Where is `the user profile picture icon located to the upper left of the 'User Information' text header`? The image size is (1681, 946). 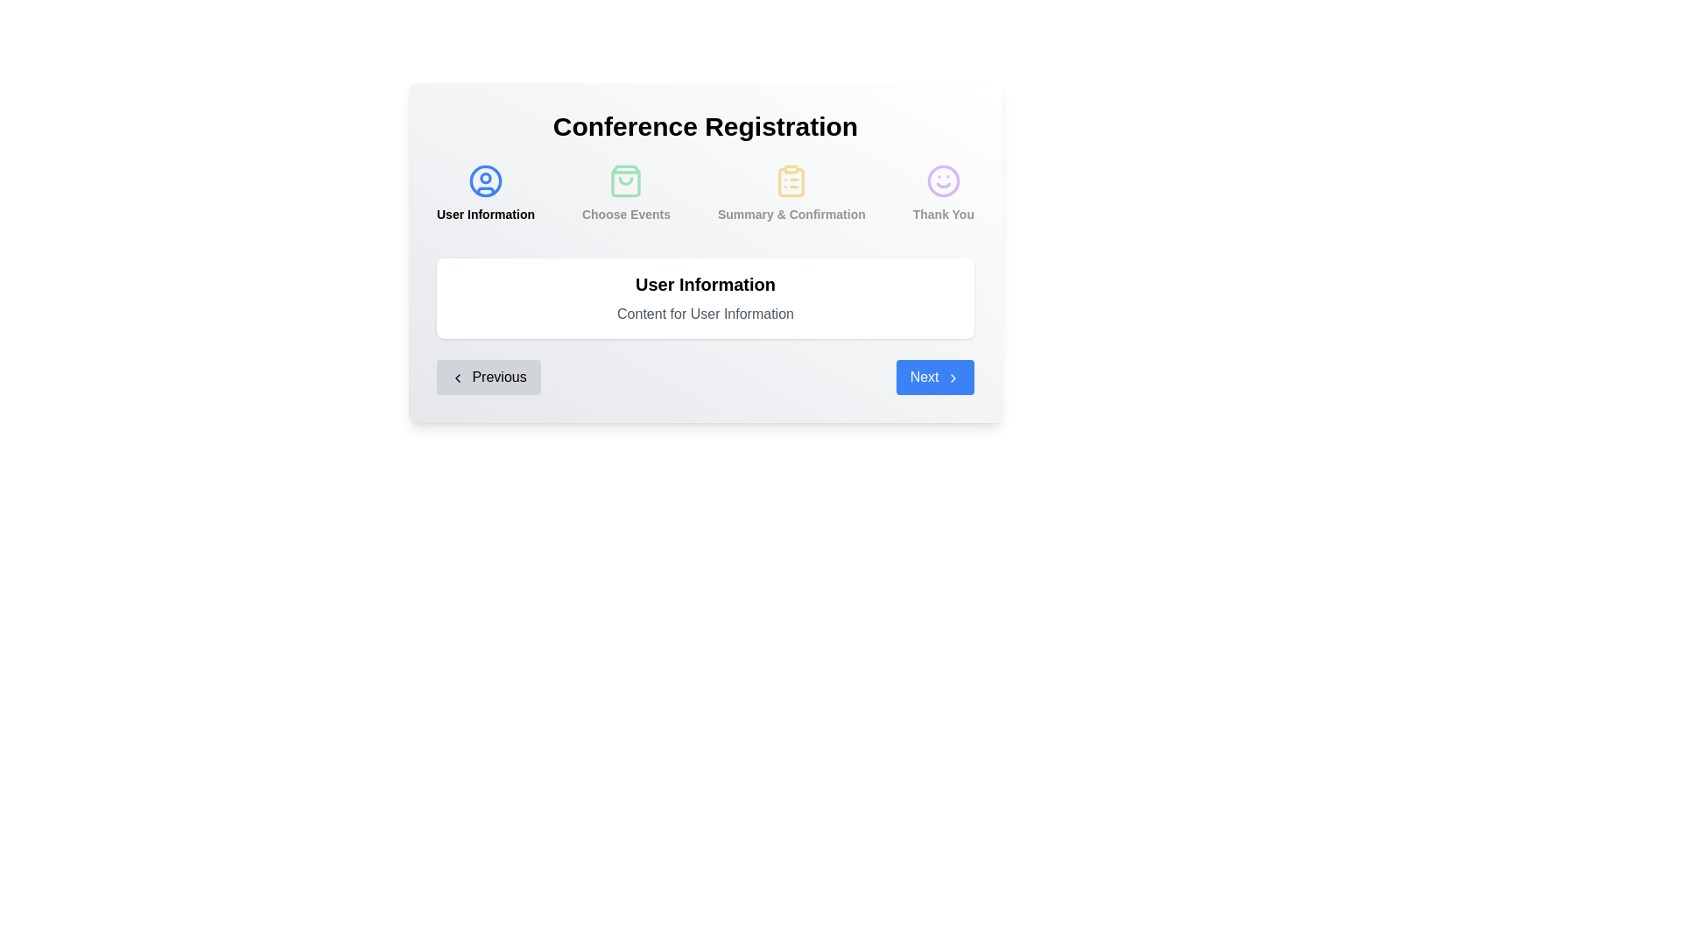 the user profile picture icon located to the upper left of the 'User Information' text header is located at coordinates (486, 181).